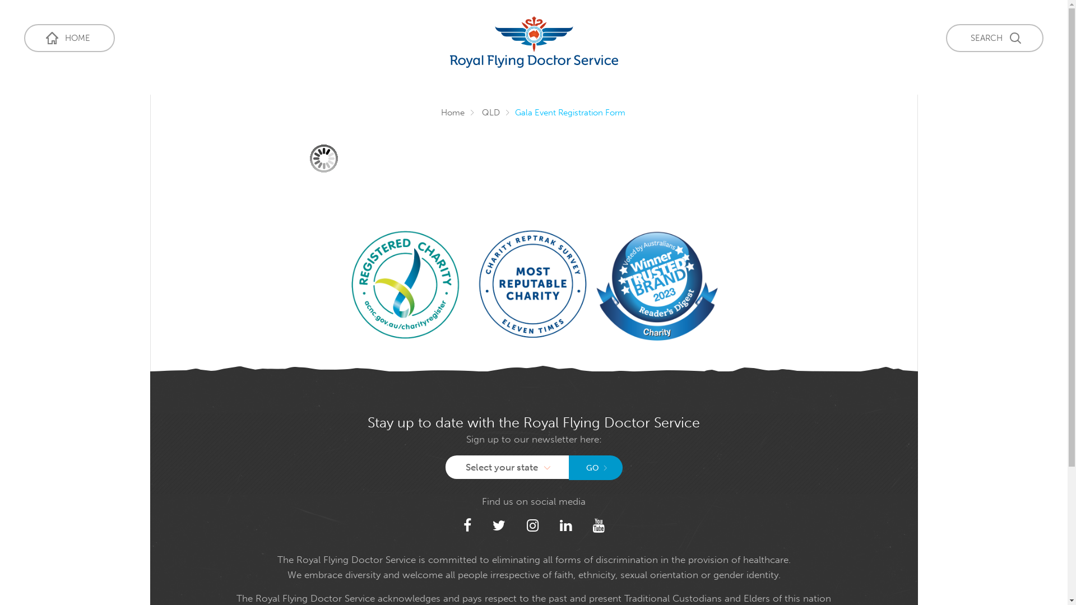  I want to click on 'Instagram', so click(532, 525).